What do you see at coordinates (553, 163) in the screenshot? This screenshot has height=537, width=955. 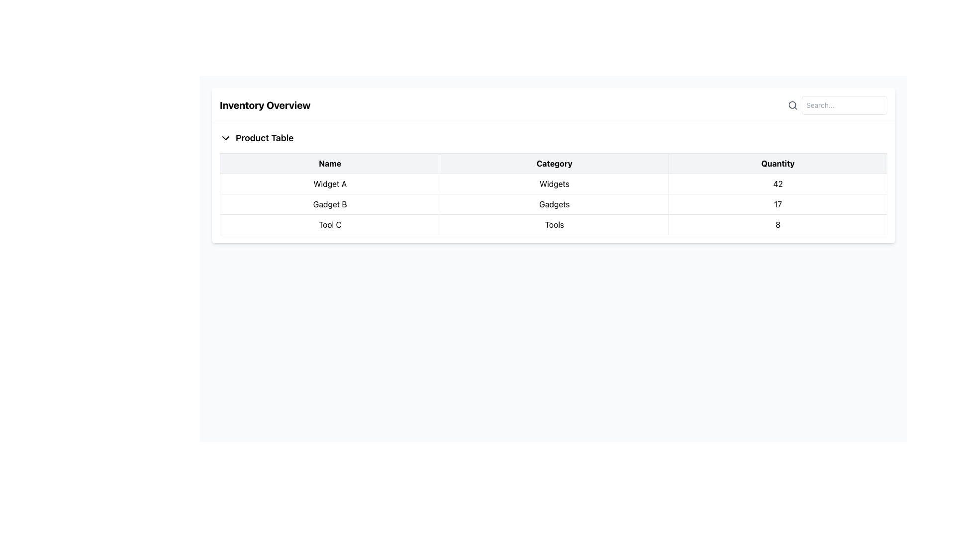 I see `the header row of the table that labels the columns 'Name,' 'Category,' and 'Quantity.'` at bounding box center [553, 163].